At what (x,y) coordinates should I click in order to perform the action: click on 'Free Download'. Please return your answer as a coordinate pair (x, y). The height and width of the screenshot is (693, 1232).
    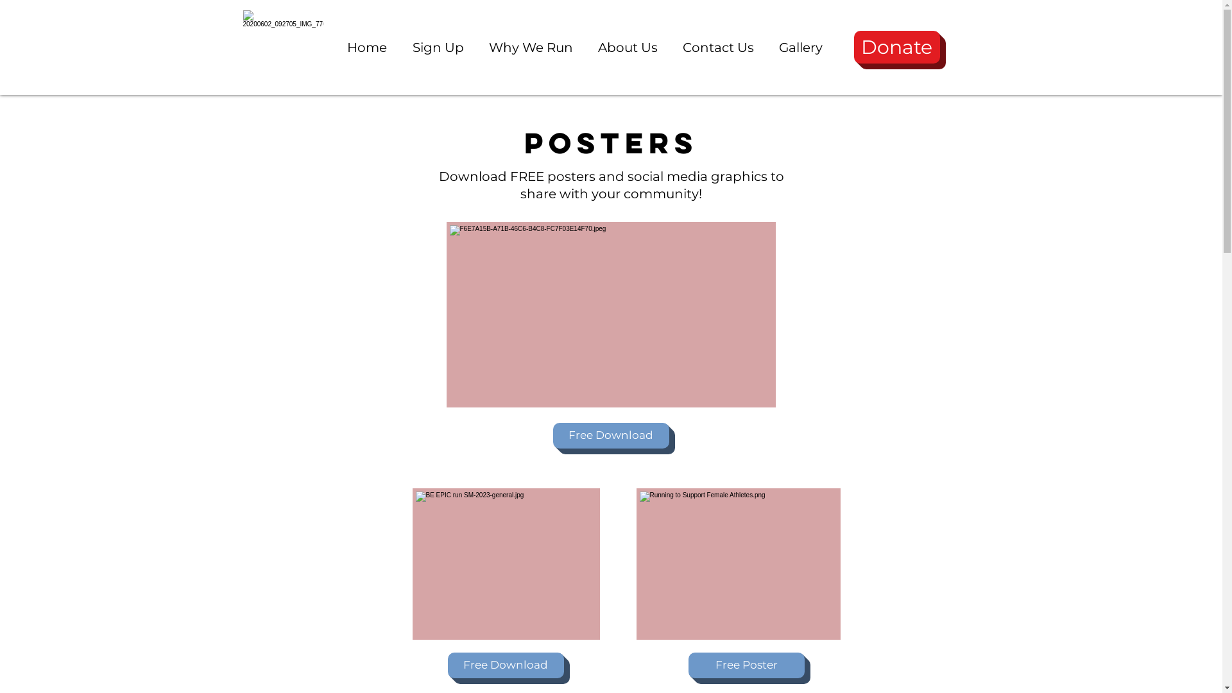
    Looking at the image, I should click on (447, 665).